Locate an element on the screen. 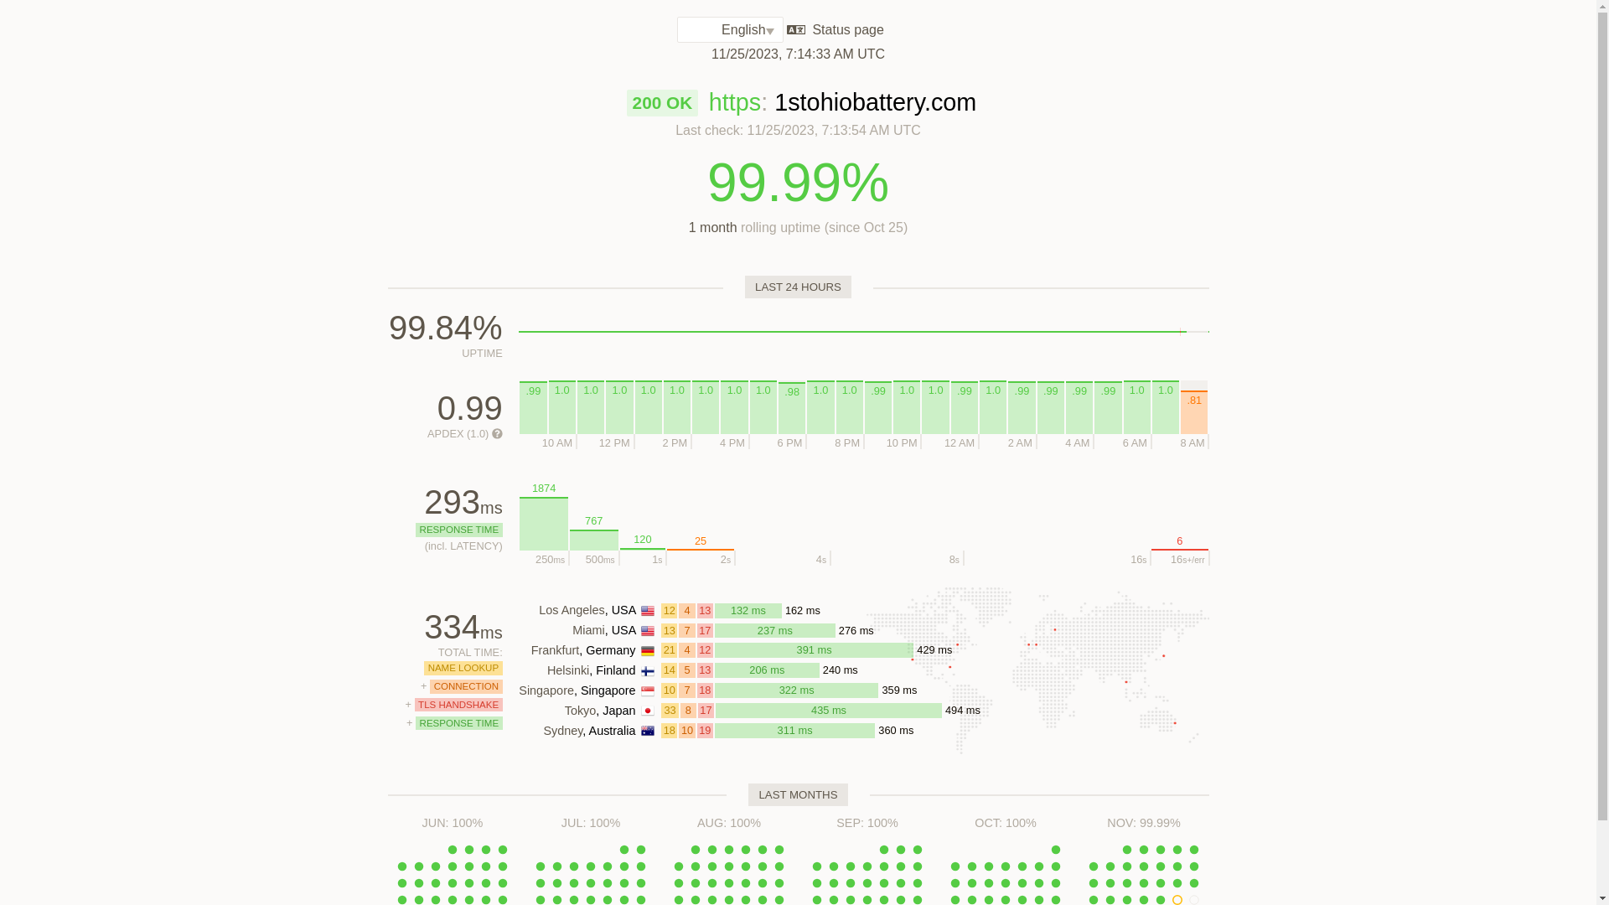 The image size is (1609, 905). '<small>Aug 10:</small> No downtime' is located at coordinates (728, 866).